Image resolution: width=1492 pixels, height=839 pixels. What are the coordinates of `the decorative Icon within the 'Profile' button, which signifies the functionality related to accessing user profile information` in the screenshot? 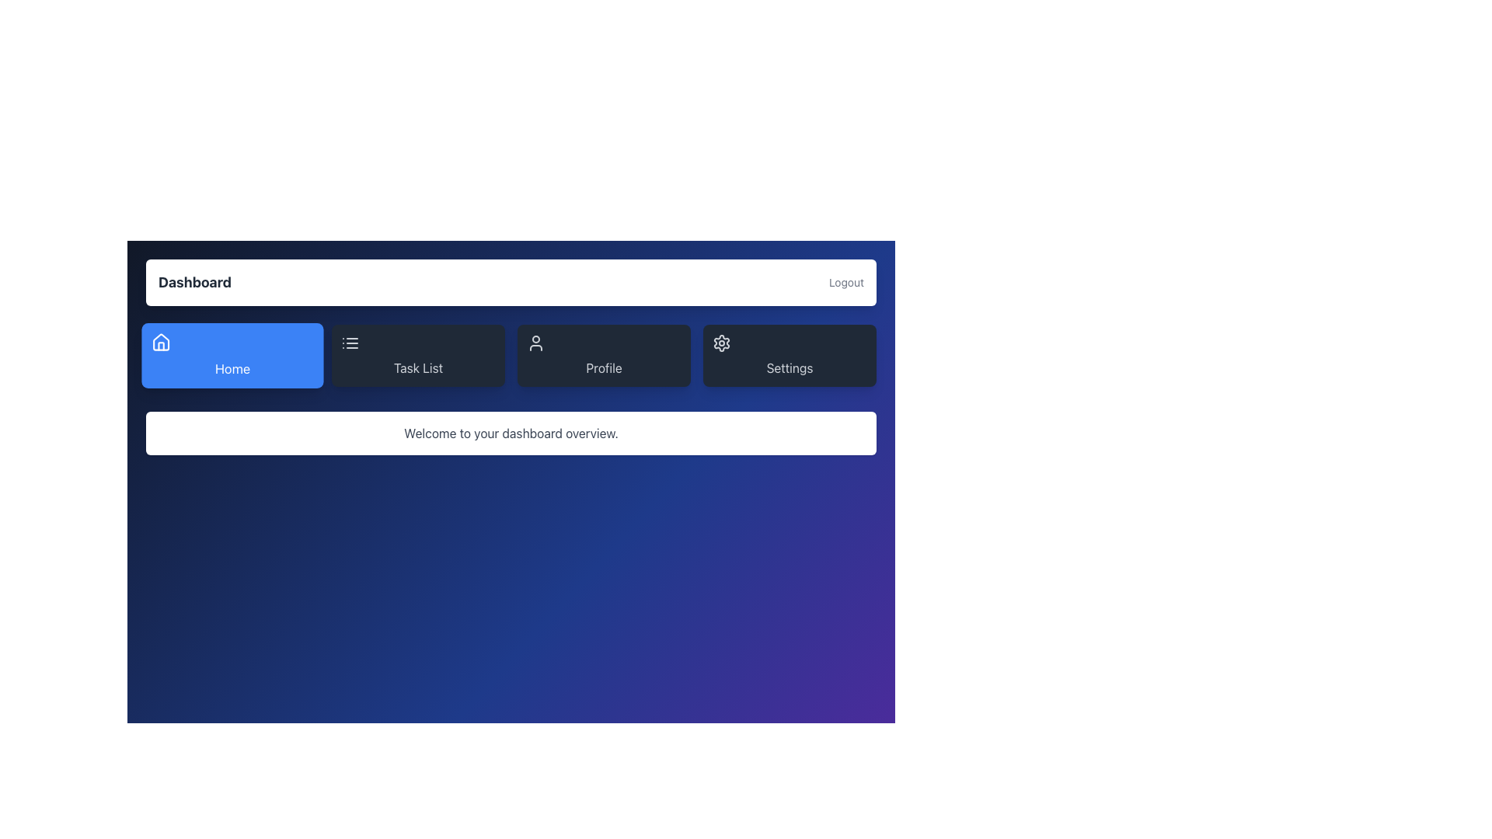 It's located at (603, 343).